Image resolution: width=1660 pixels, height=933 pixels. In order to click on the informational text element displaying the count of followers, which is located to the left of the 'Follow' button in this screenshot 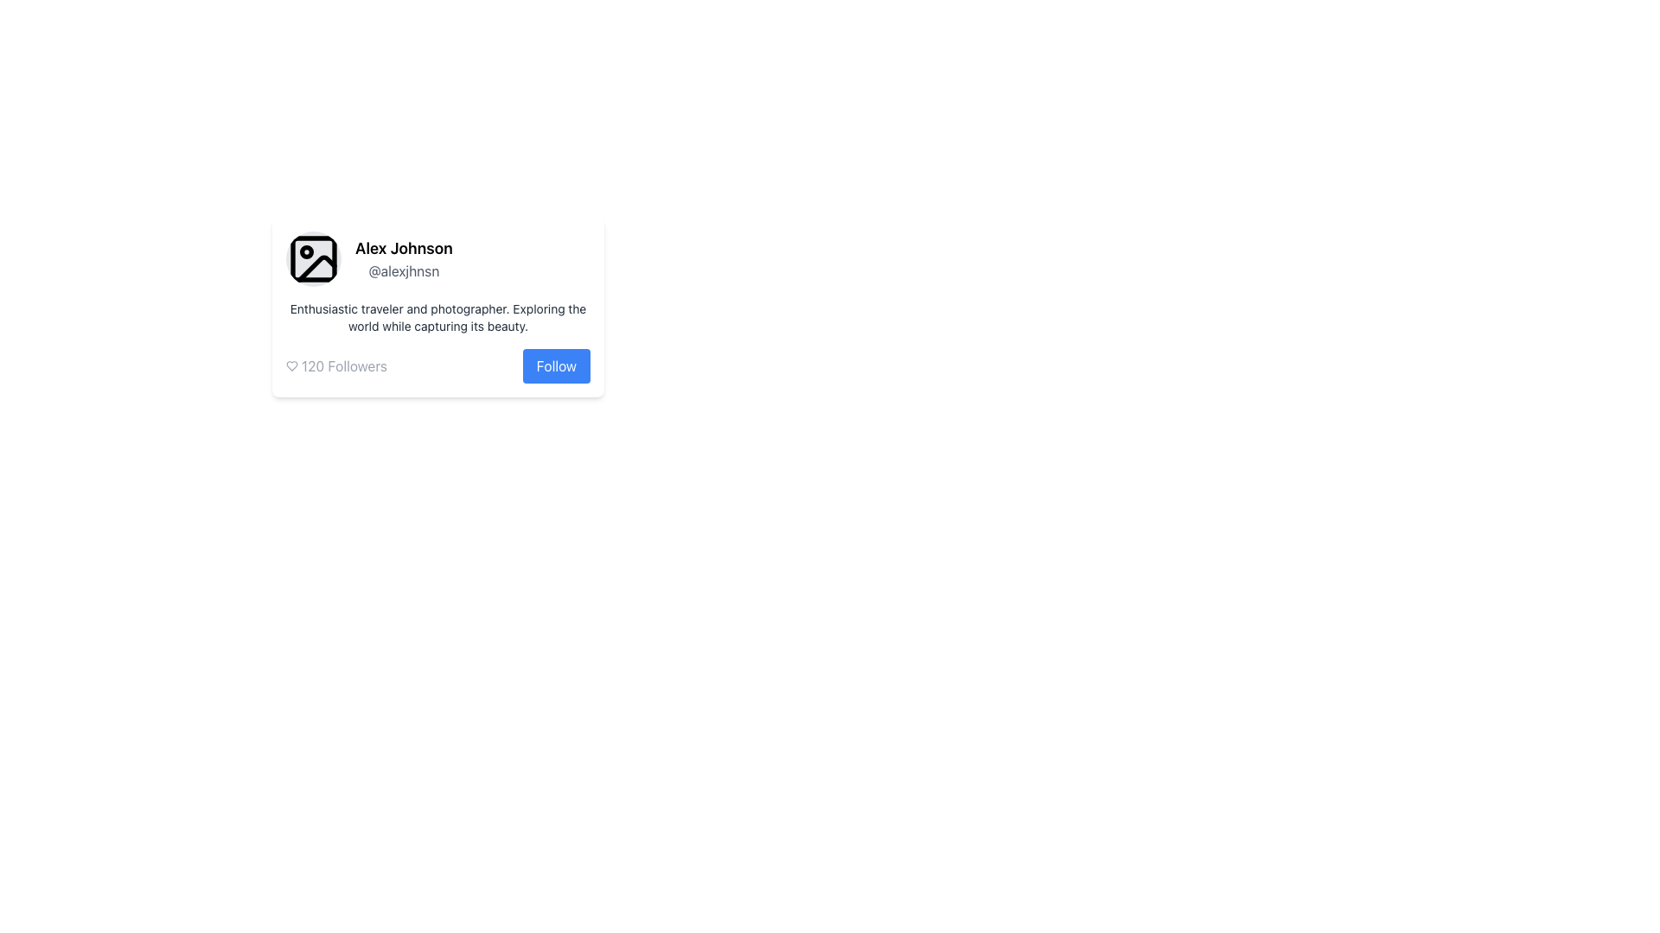, I will do `click(336, 365)`.